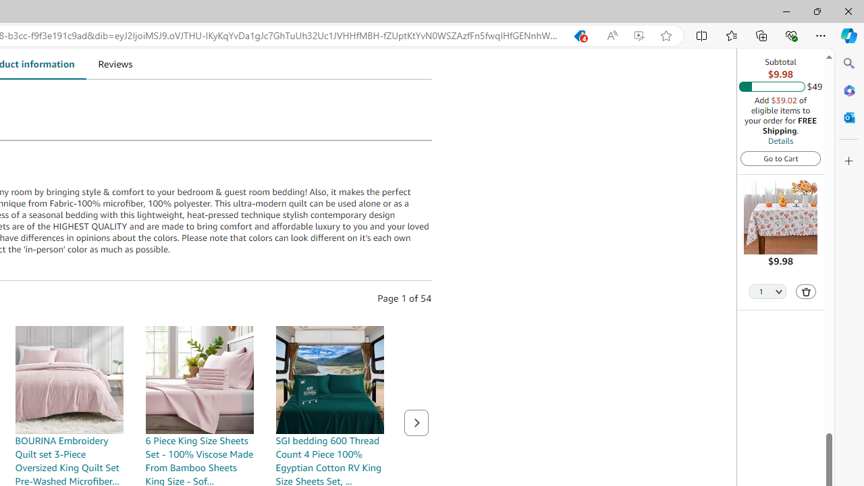 The image size is (864, 486). I want to click on 'Next page of related Sponsored Products', so click(415, 422).